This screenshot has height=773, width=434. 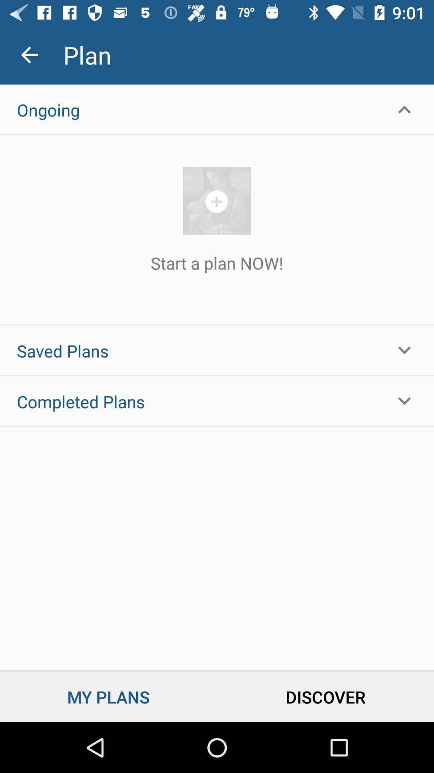 I want to click on start plan, so click(x=217, y=200).